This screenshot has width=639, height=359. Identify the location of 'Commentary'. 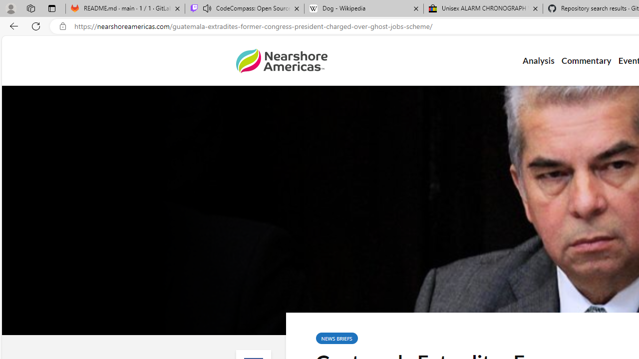
(586, 61).